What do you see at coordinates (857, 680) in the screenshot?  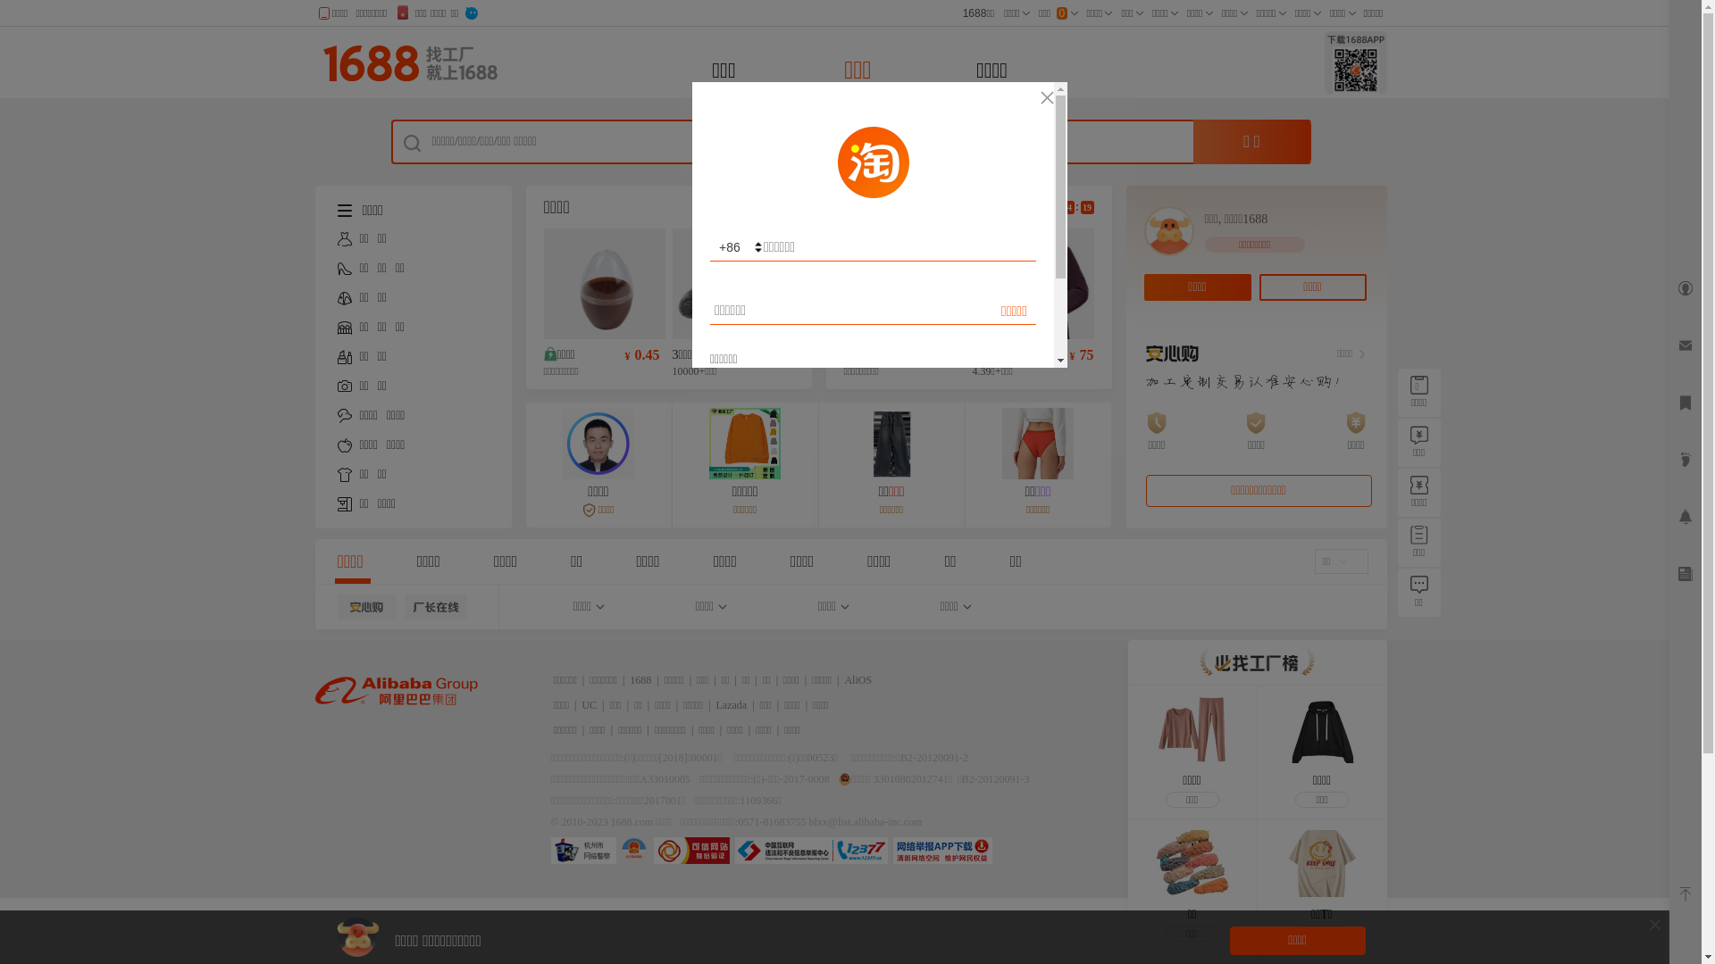 I see `'AliOS'` at bounding box center [857, 680].